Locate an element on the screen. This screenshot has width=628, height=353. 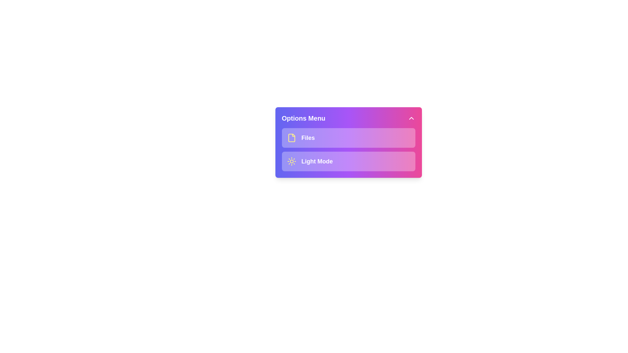
the menu item Files by clicking on it is located at coordinates (348, 137).